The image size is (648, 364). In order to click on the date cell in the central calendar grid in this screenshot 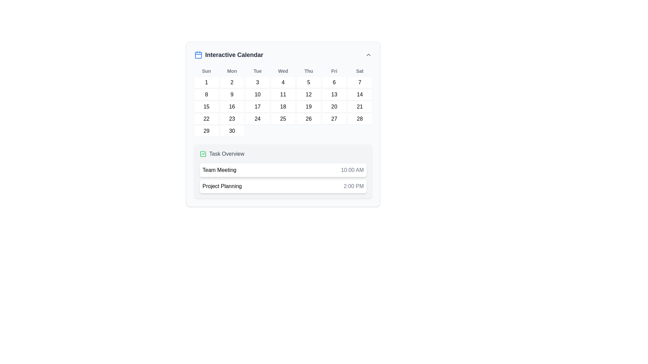, I will do `click(283, 106)`.